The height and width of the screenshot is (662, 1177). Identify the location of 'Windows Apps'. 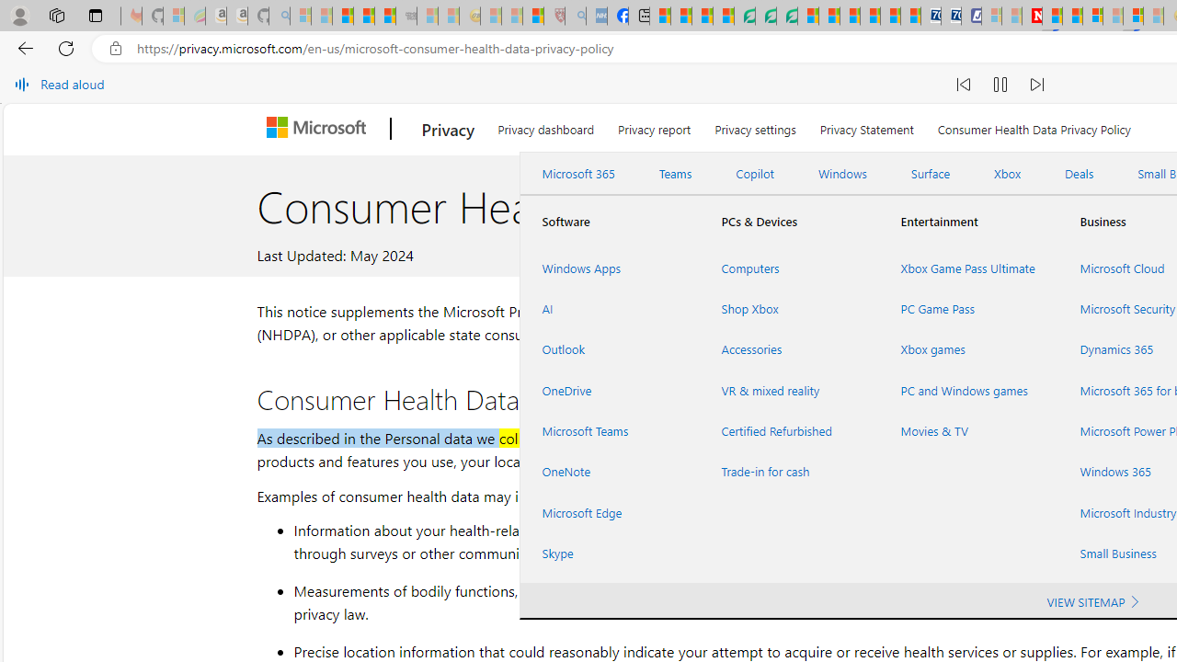
(610, 268).